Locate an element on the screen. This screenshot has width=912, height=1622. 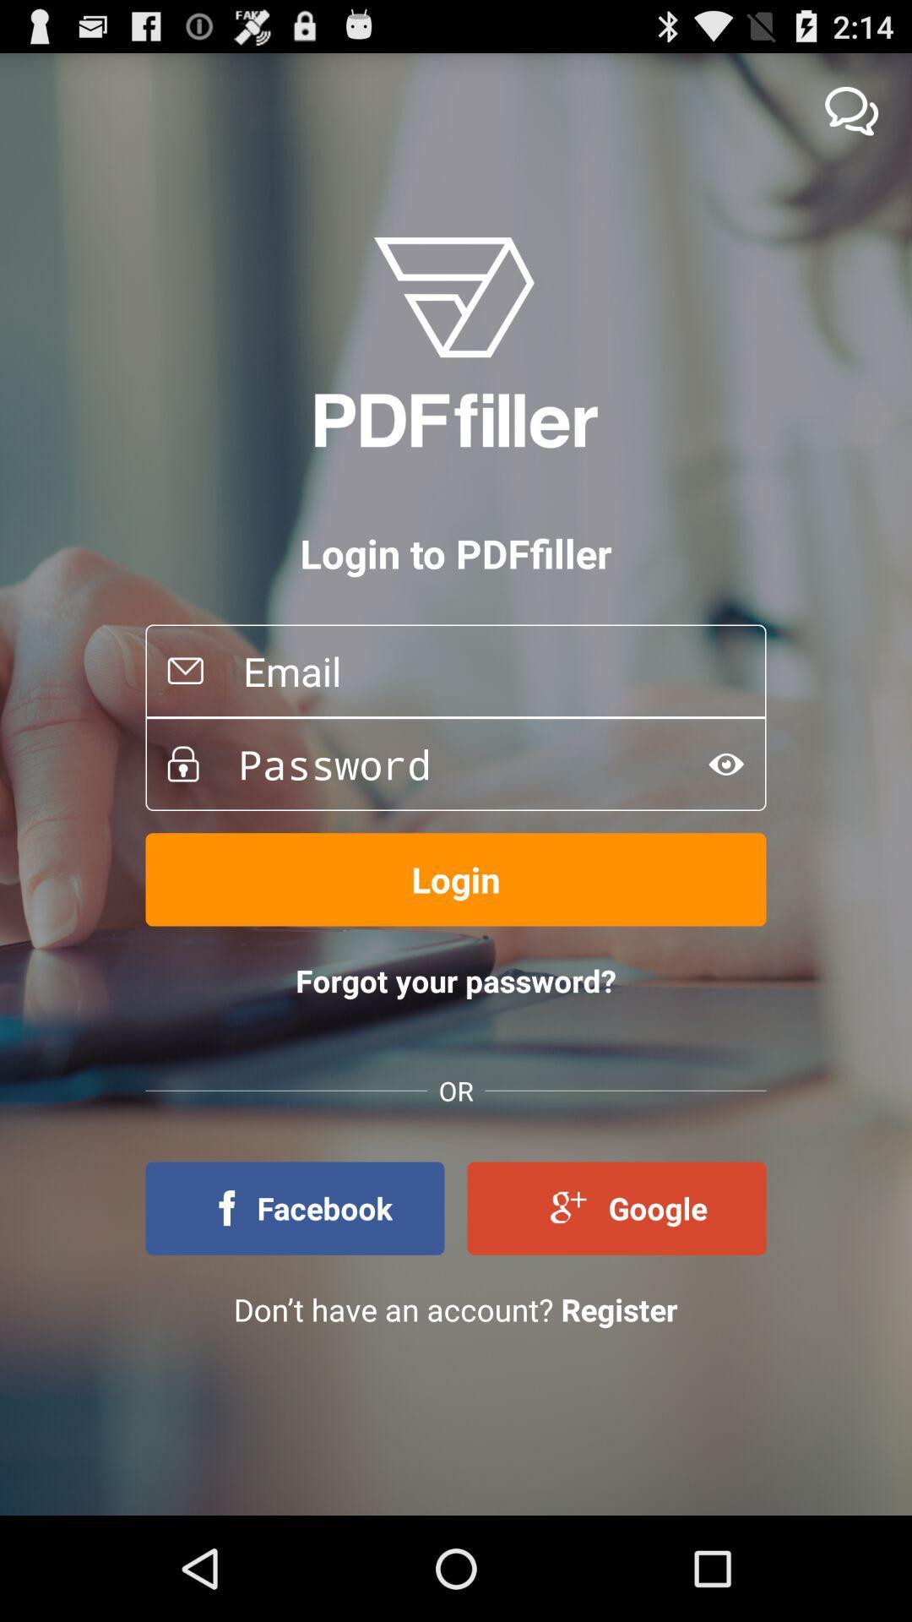
for vesion is located at coordinates (725, 763).